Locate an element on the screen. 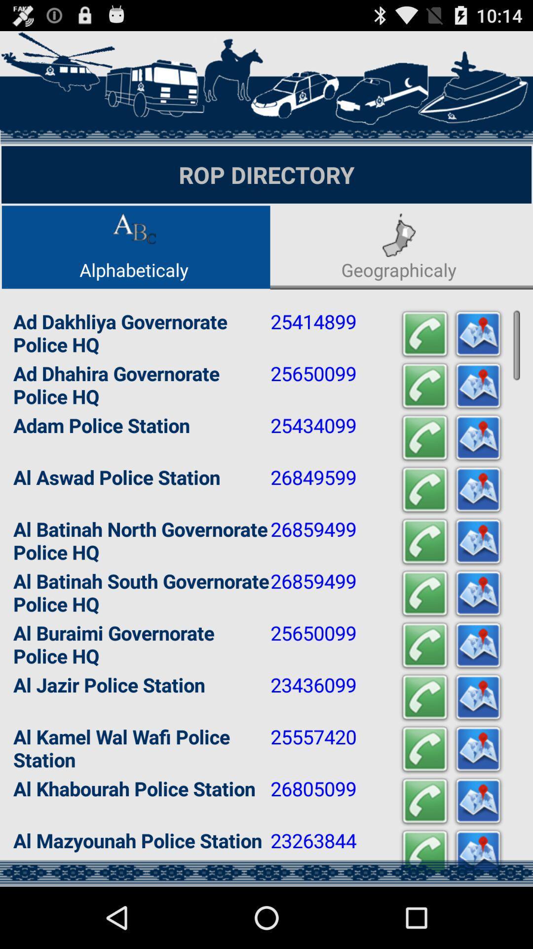 Image resolution: width=533 pixels, height=949 pixels. the icon above 26859499 is located at coordinates (424, 490).